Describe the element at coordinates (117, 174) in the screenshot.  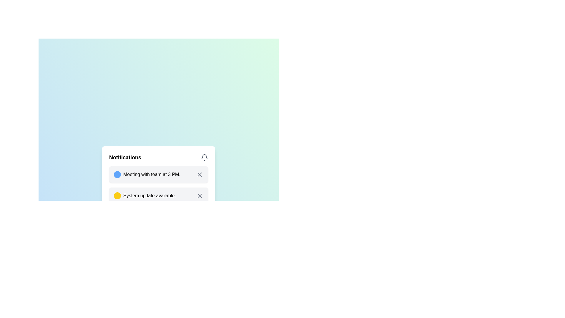
I see `the circular blue icon that is located to the left of the text 'Meeting with team at 3 PM.' in the notification panel` at that location.